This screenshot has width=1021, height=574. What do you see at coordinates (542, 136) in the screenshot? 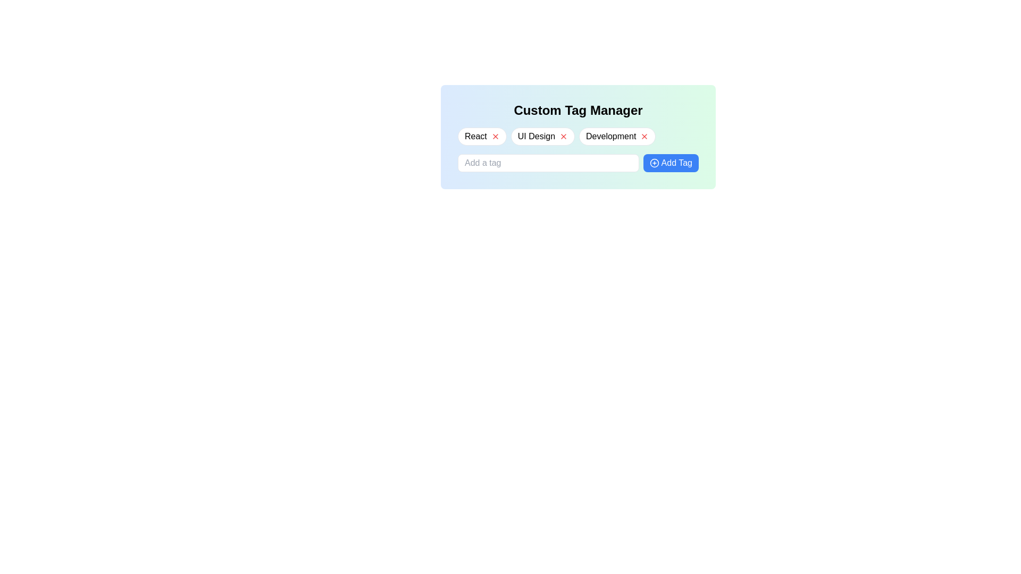
I see `the tag labeled 'UI Design' that features a small red 'x' icon for potential highlighting effects` at bounding box center [542, 136].